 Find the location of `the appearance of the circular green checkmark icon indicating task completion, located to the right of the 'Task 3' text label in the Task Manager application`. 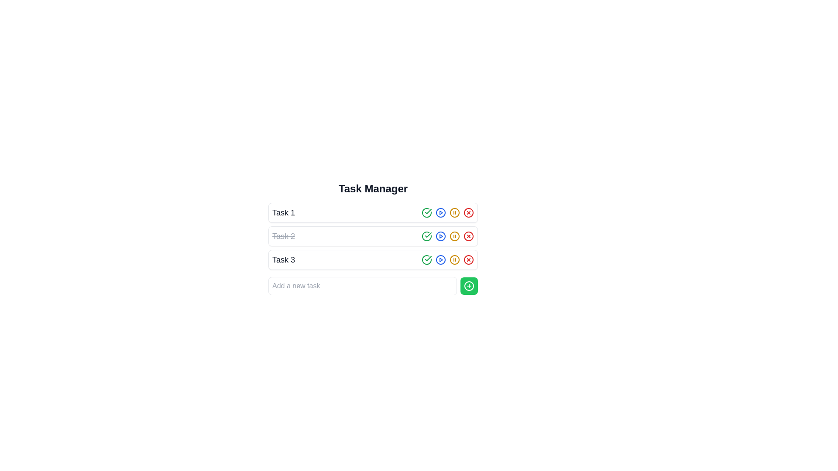

the appearance of the circular green checkmark icon indicating task completion, located to the right of the 'Task 3' text label in the Task Manager application is located at coordinates (427, 259).